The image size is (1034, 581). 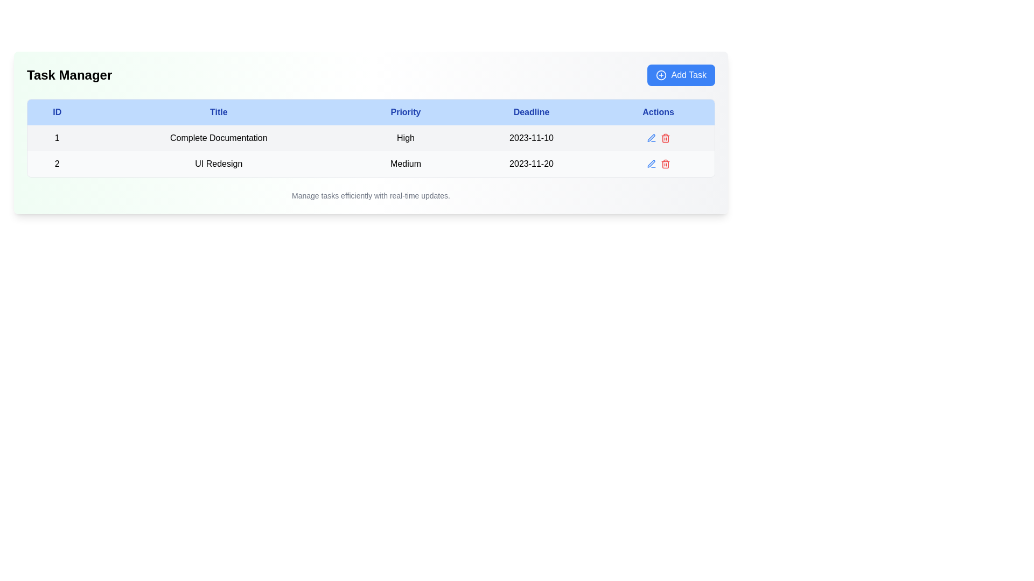 What do you see at coordinates (651, 138) in the screenshot?
I see `the edit button located` at bounding box center [651, 138].